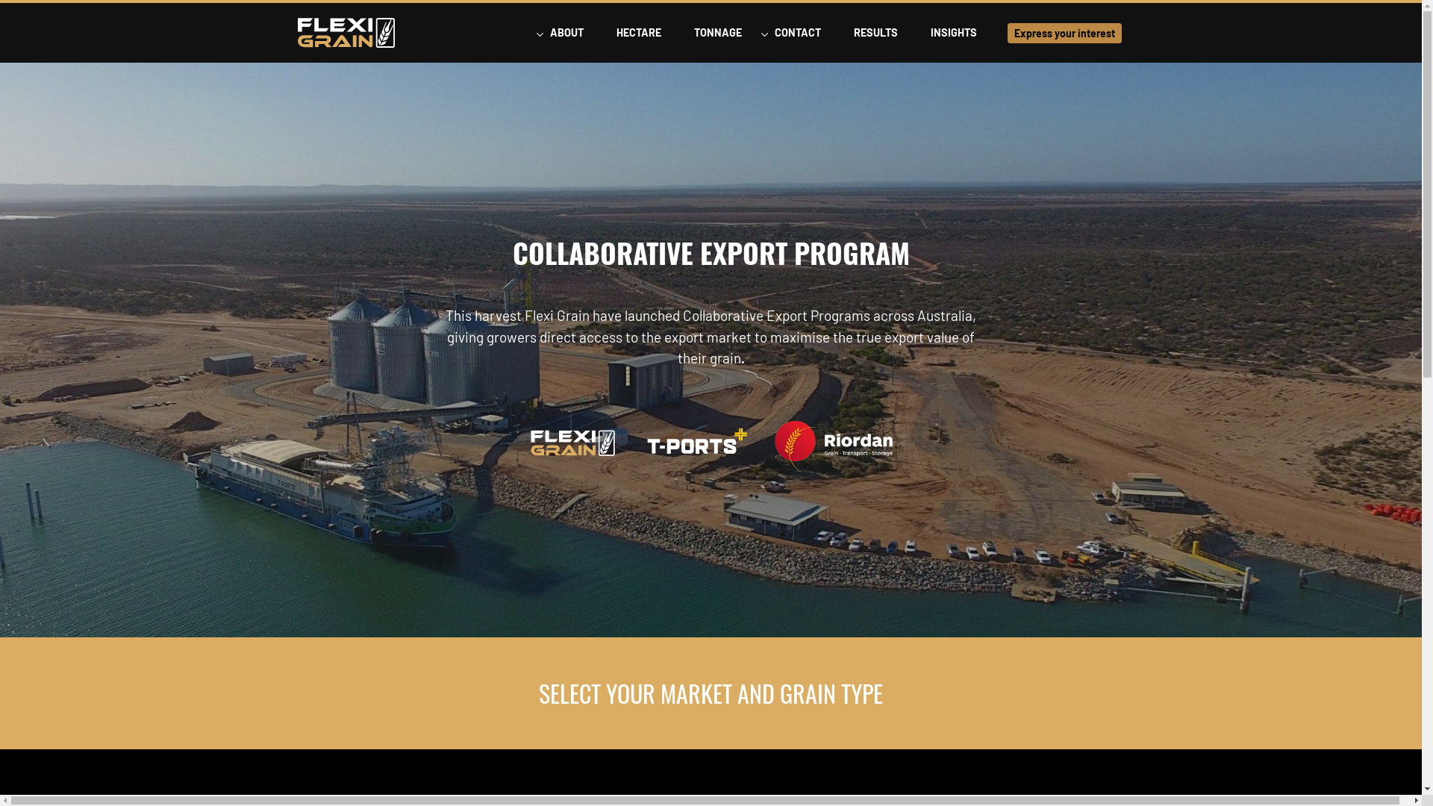 Image resolution: width=1433 pixels, height=806 pixels. Describe the element at coordinates (797, 32) in the screenshot. I see `'CONTACT'` at that location.